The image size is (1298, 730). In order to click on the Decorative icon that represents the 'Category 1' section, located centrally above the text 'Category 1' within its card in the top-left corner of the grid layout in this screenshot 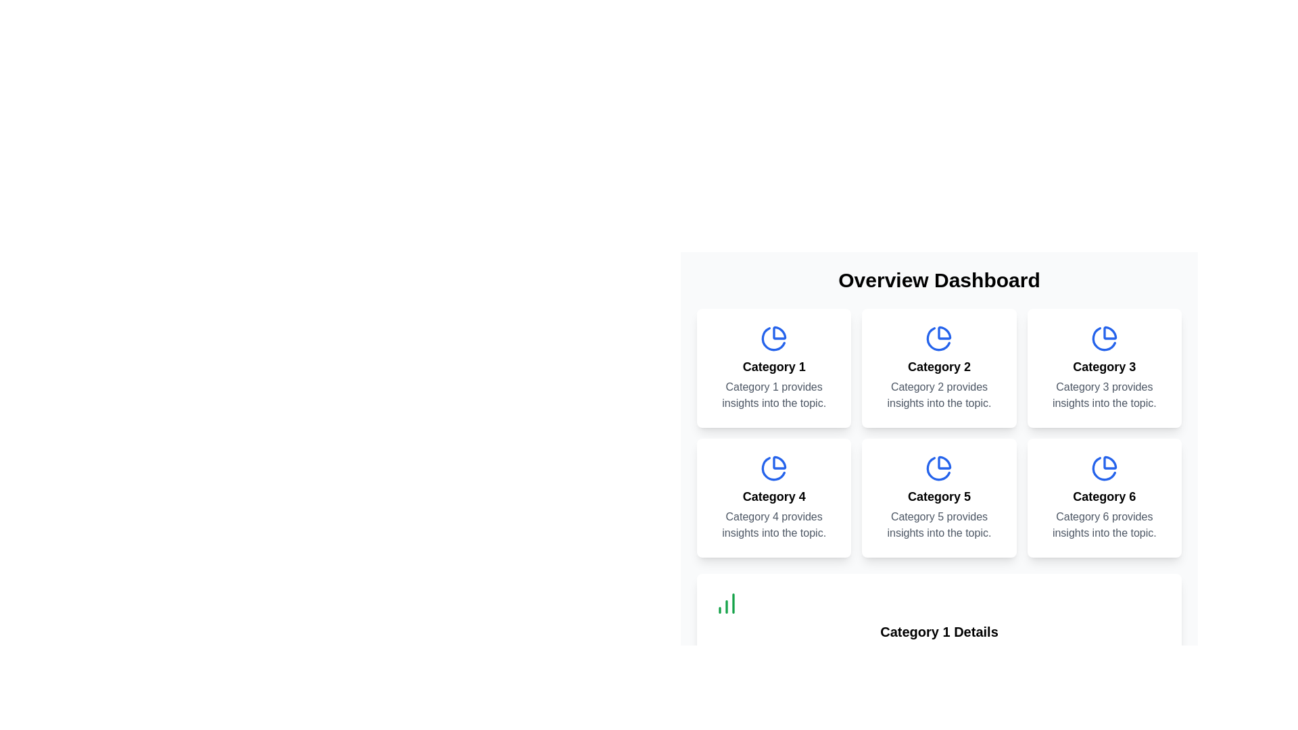, I will do `click(774, 338)`.